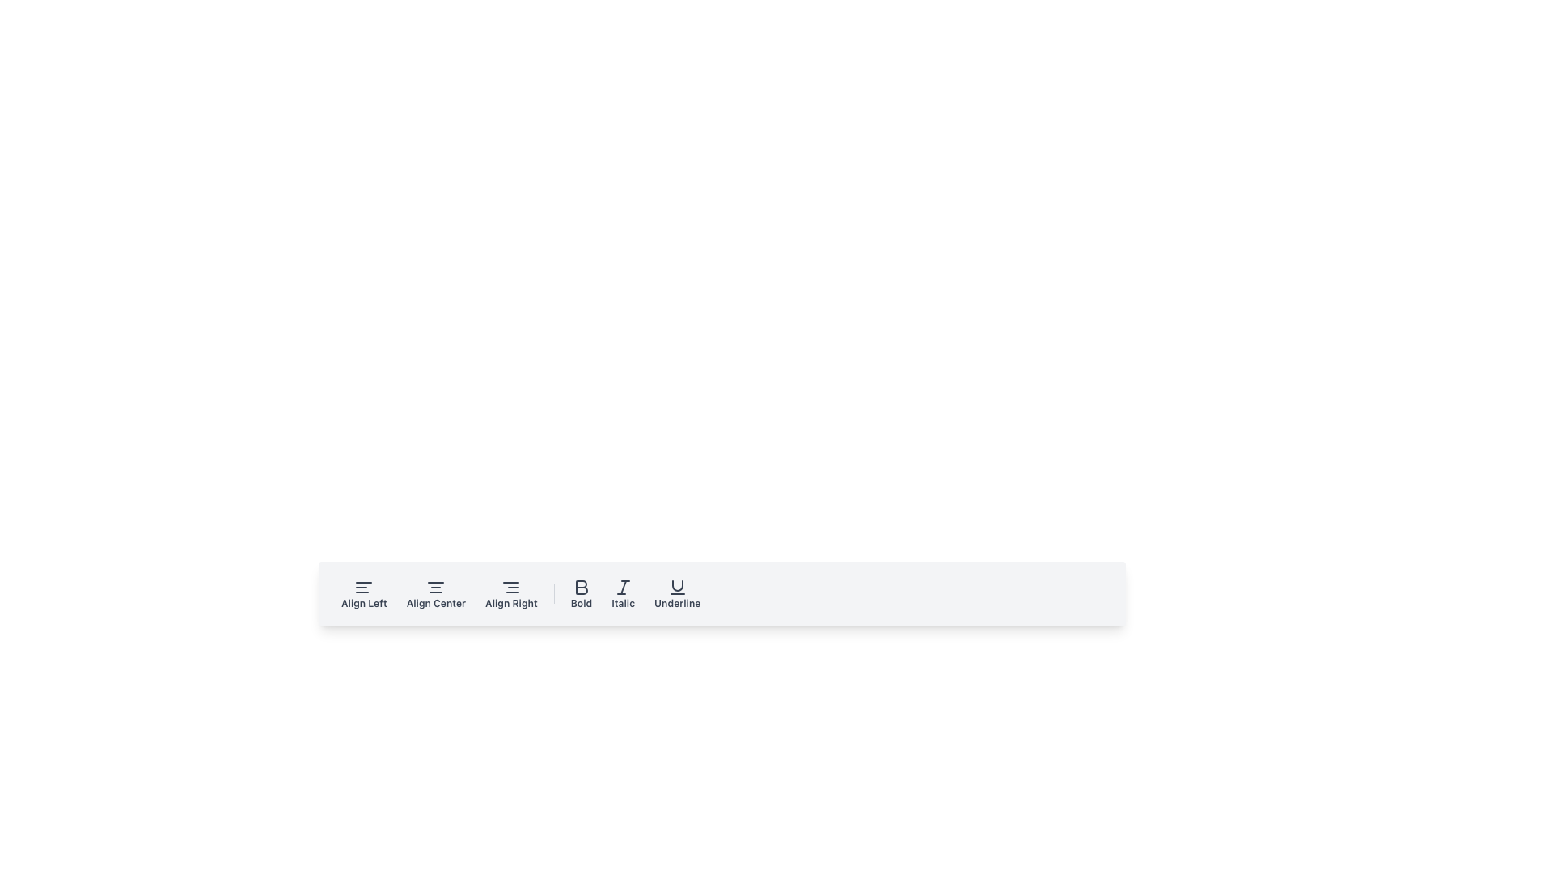  Describe the element at coordinates (510, 587) in the screenshot. I see `the 'Align Right' icon in the toolbar` at that location.